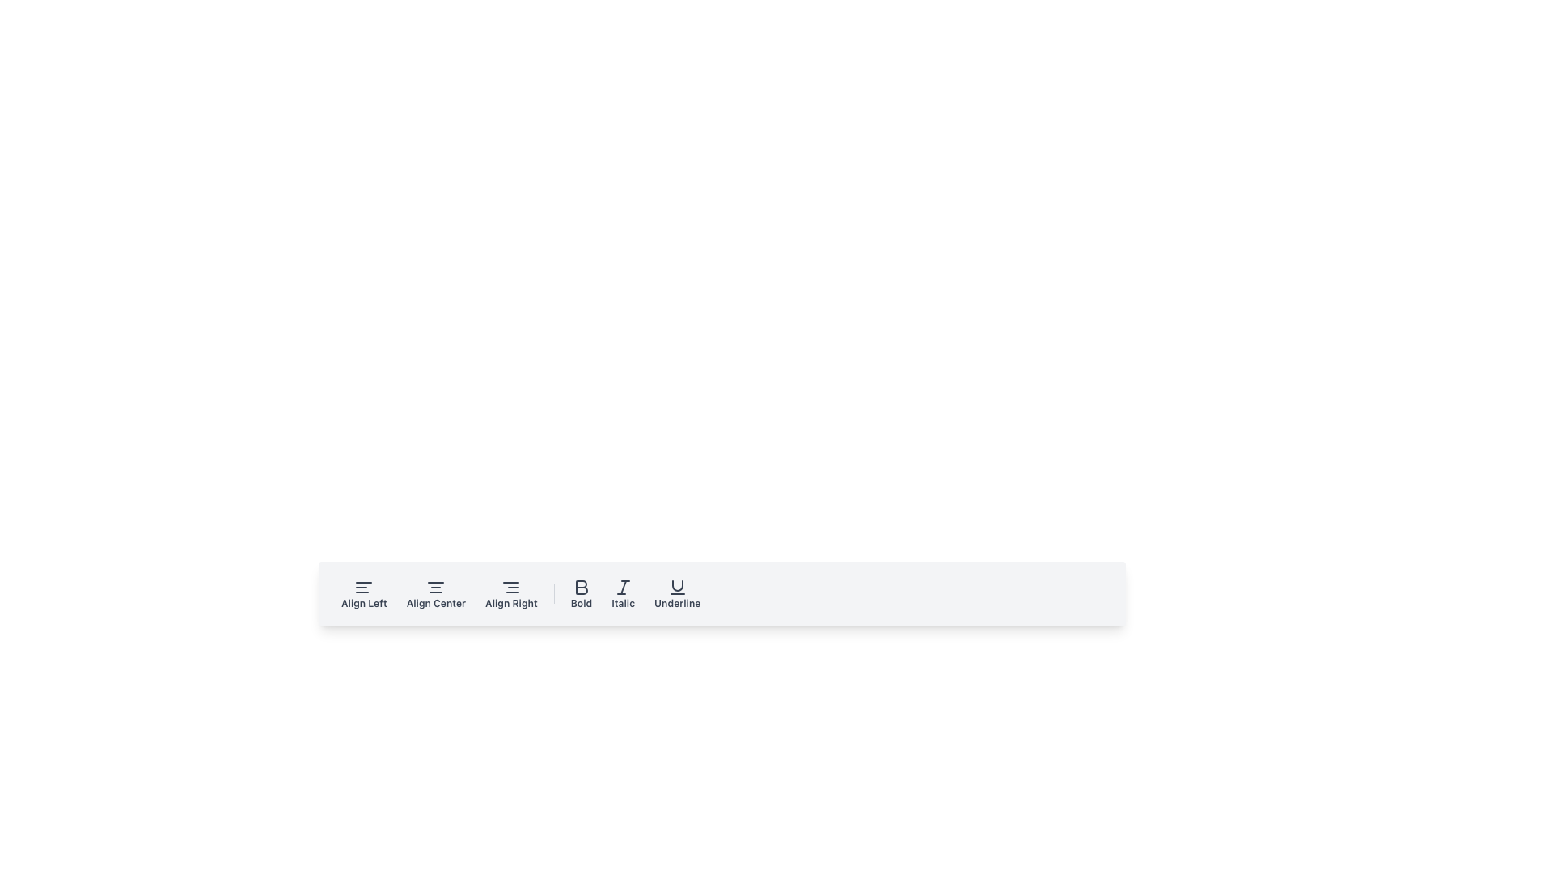  Describe the element at coordinates (510, 587) in the screenshot. I see `the 'Align Right' icon in the toolbar` at that location.